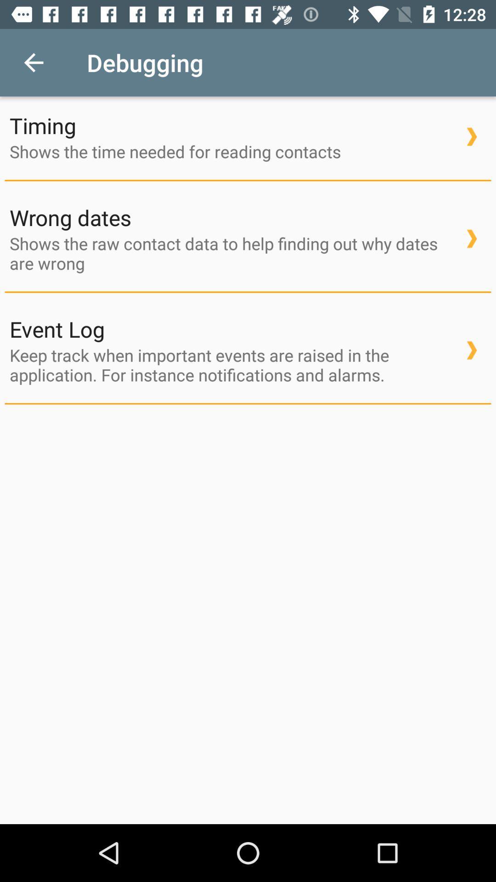 This screenshot has width=496, height=882. I want to click on icon next to debugging, so click(33, 62).